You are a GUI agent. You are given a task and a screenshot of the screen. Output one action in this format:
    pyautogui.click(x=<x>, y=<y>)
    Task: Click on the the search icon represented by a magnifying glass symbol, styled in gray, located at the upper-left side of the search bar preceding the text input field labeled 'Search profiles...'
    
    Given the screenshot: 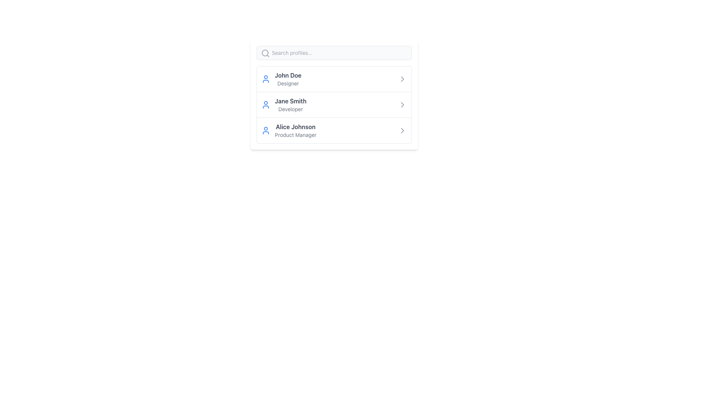 What is the action you would take?
    pyautogui.click(x=265, y=53)
    